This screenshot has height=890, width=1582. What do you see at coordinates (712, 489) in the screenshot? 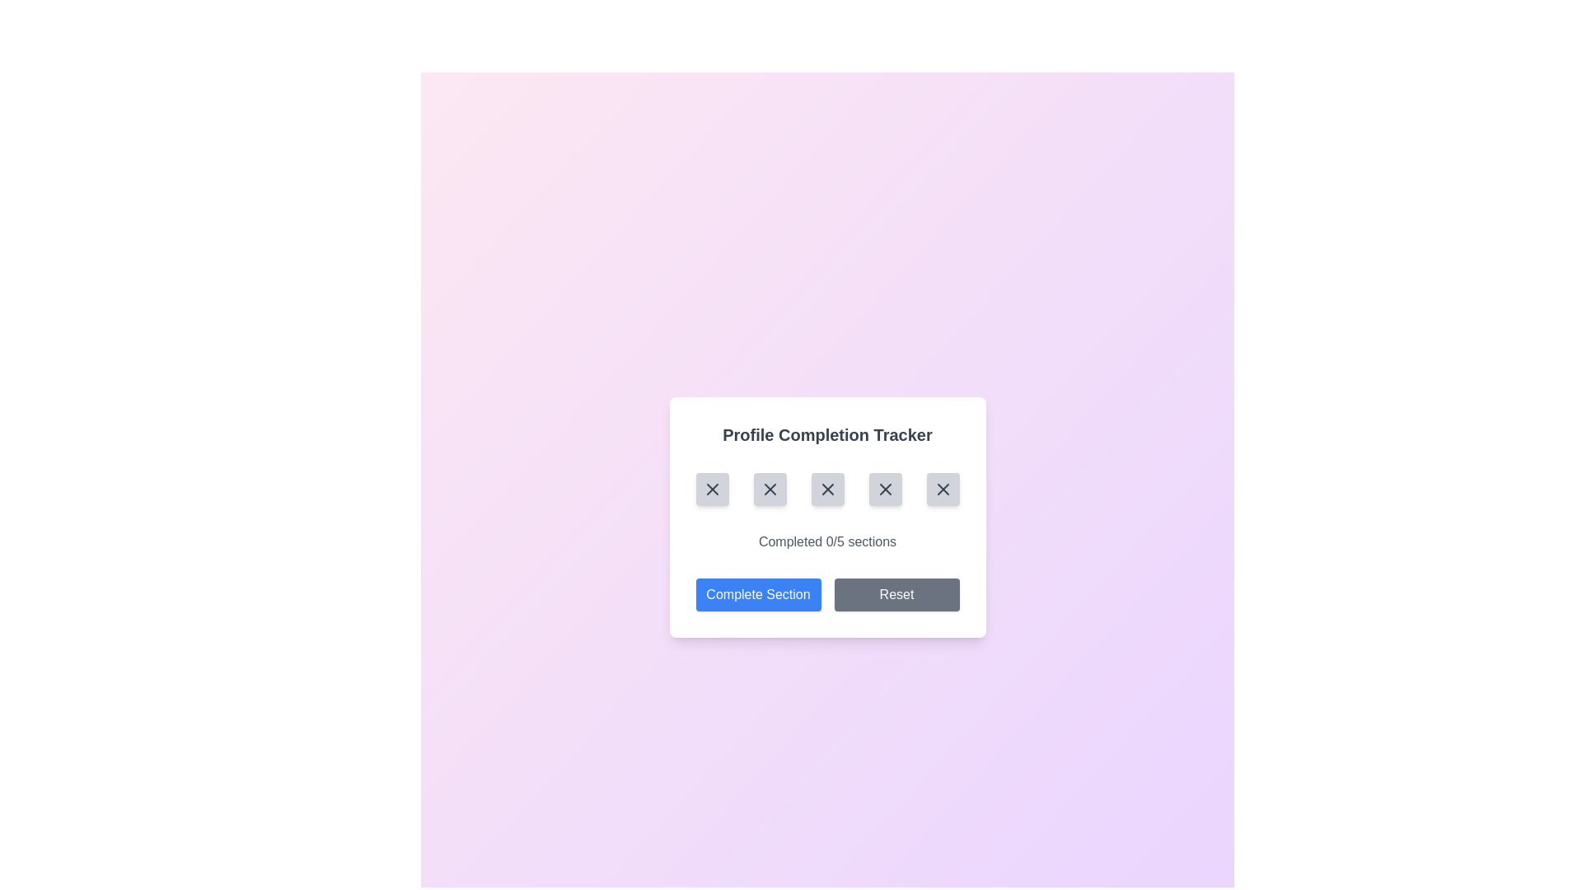
I see `the icon indicating an incomplete section within the Profile Completion Tracker module, which is the first button in a row of five buttons` at bounding box center [712, 489].